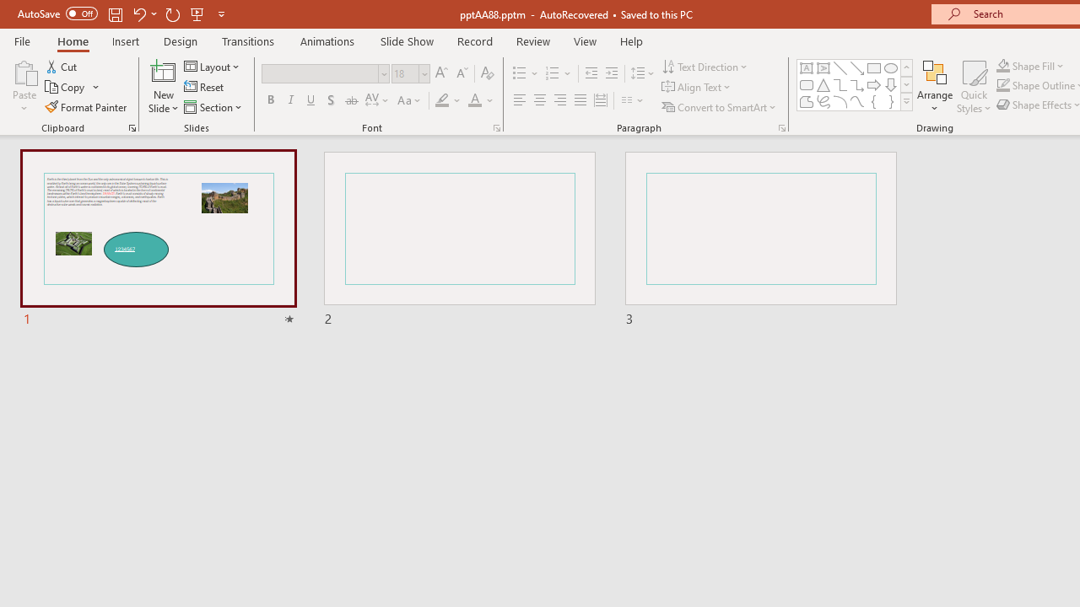 This screenshot has width=1080, height=607. I want to click on 'Freeform: Scribble', so click(823, 101).